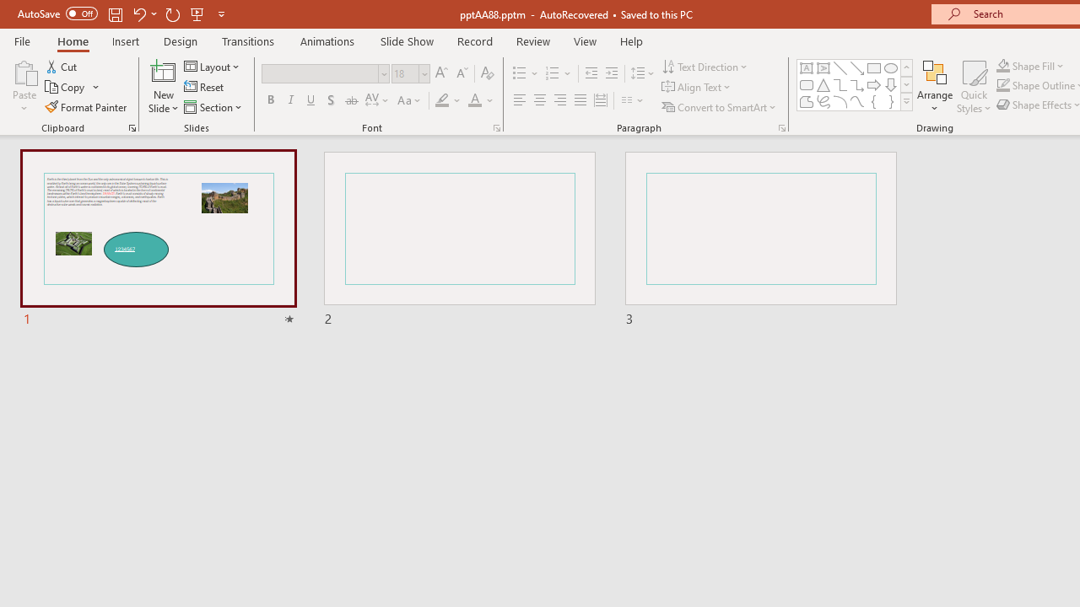 This screenshot has width=1080, height=607. I want to click on 'Freeform: Scribble', so click(823, 101).